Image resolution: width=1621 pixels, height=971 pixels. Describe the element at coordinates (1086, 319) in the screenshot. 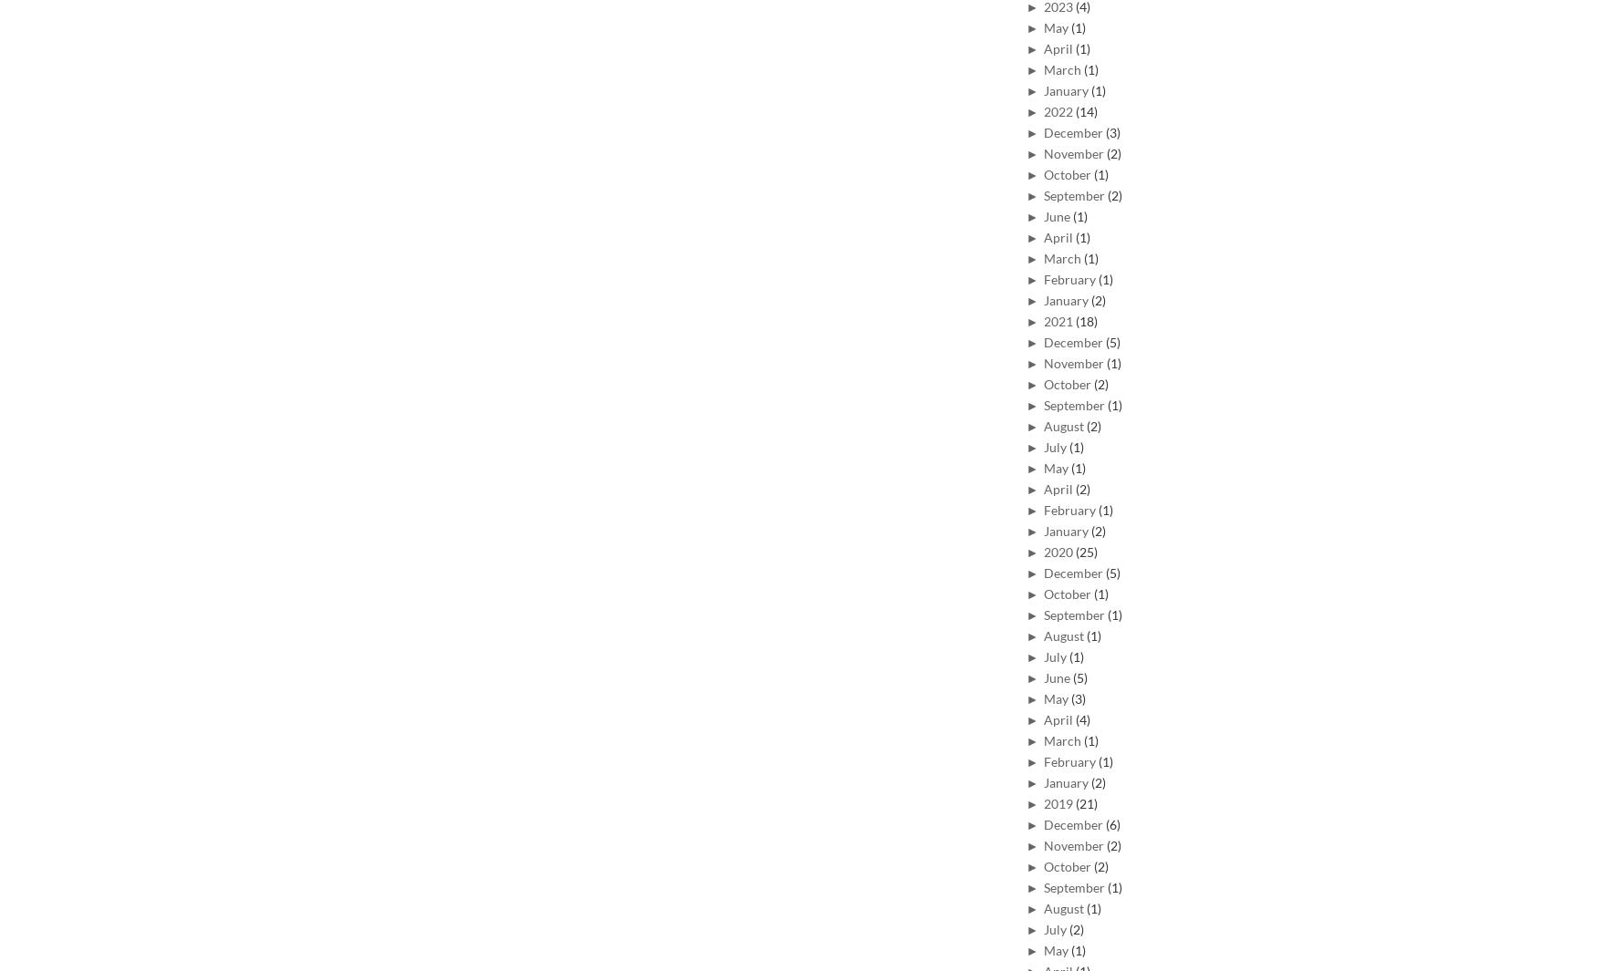

I see `'(18)'` at that location.